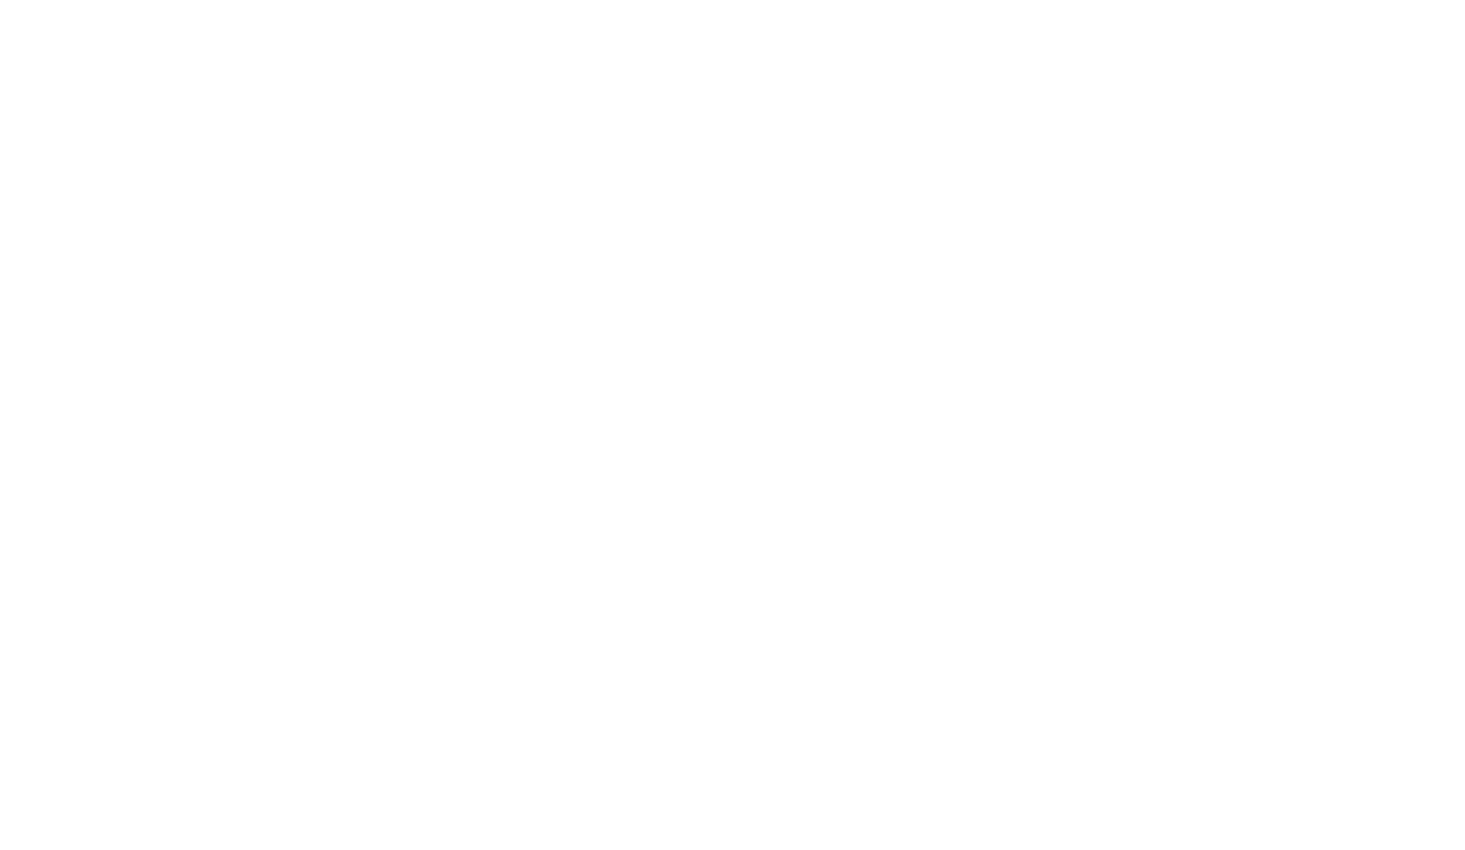  Describe the element at coordinates (351, 594) in the screenshot. I see `'Spotted par QuentinF'` at that location.